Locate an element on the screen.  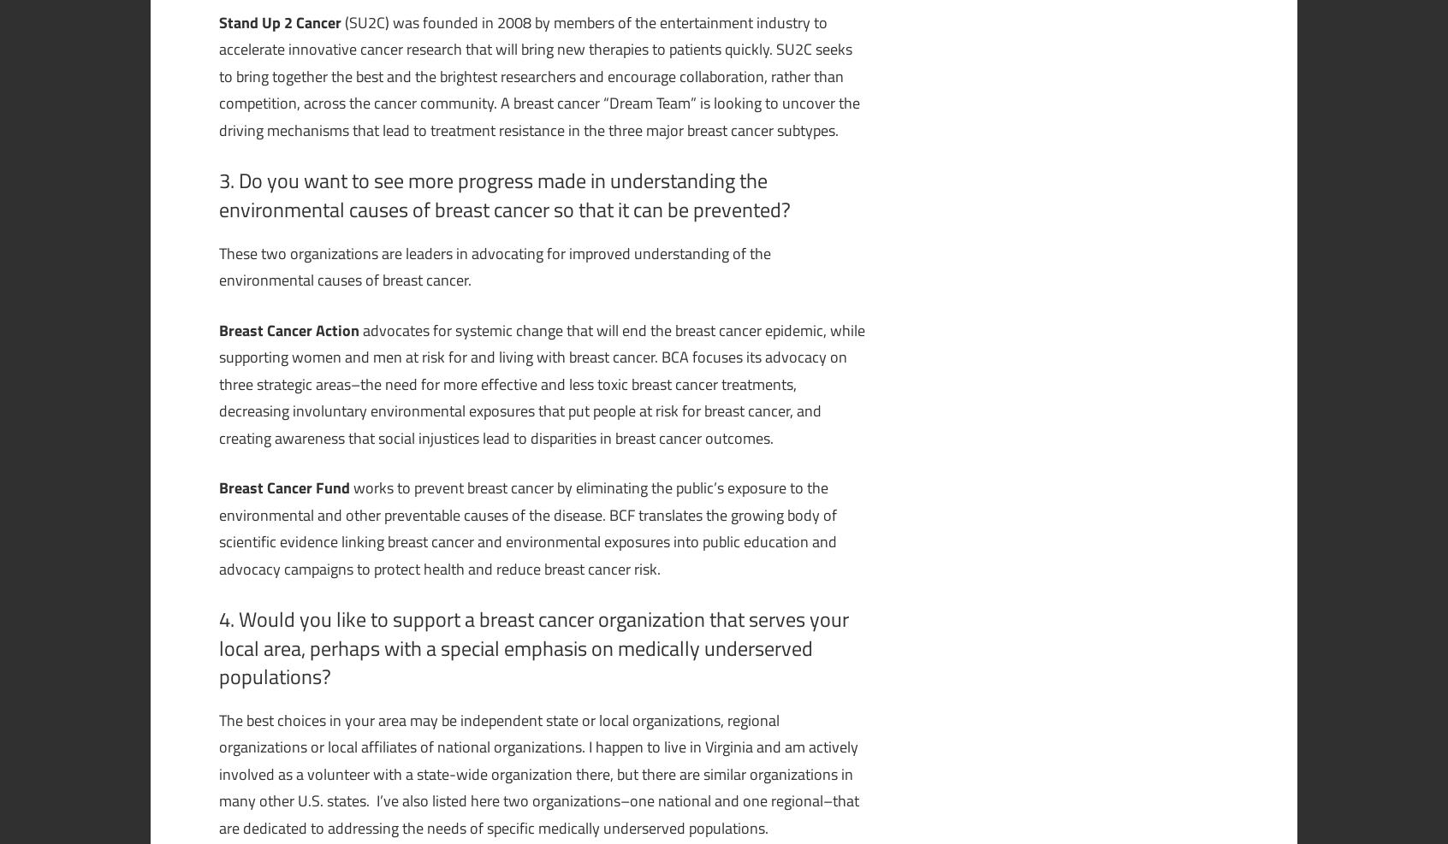
'works to prevent breast cancer by eliminating the public’s exposure to the environmental and other preventable causes of the disease. BCF translates the growing body of scientific evidence linking breast cancer and environmental exposures into public education and advocacy campaigns to protect health and reduce breast cancer risk.' is located at coordinates (527, 527).